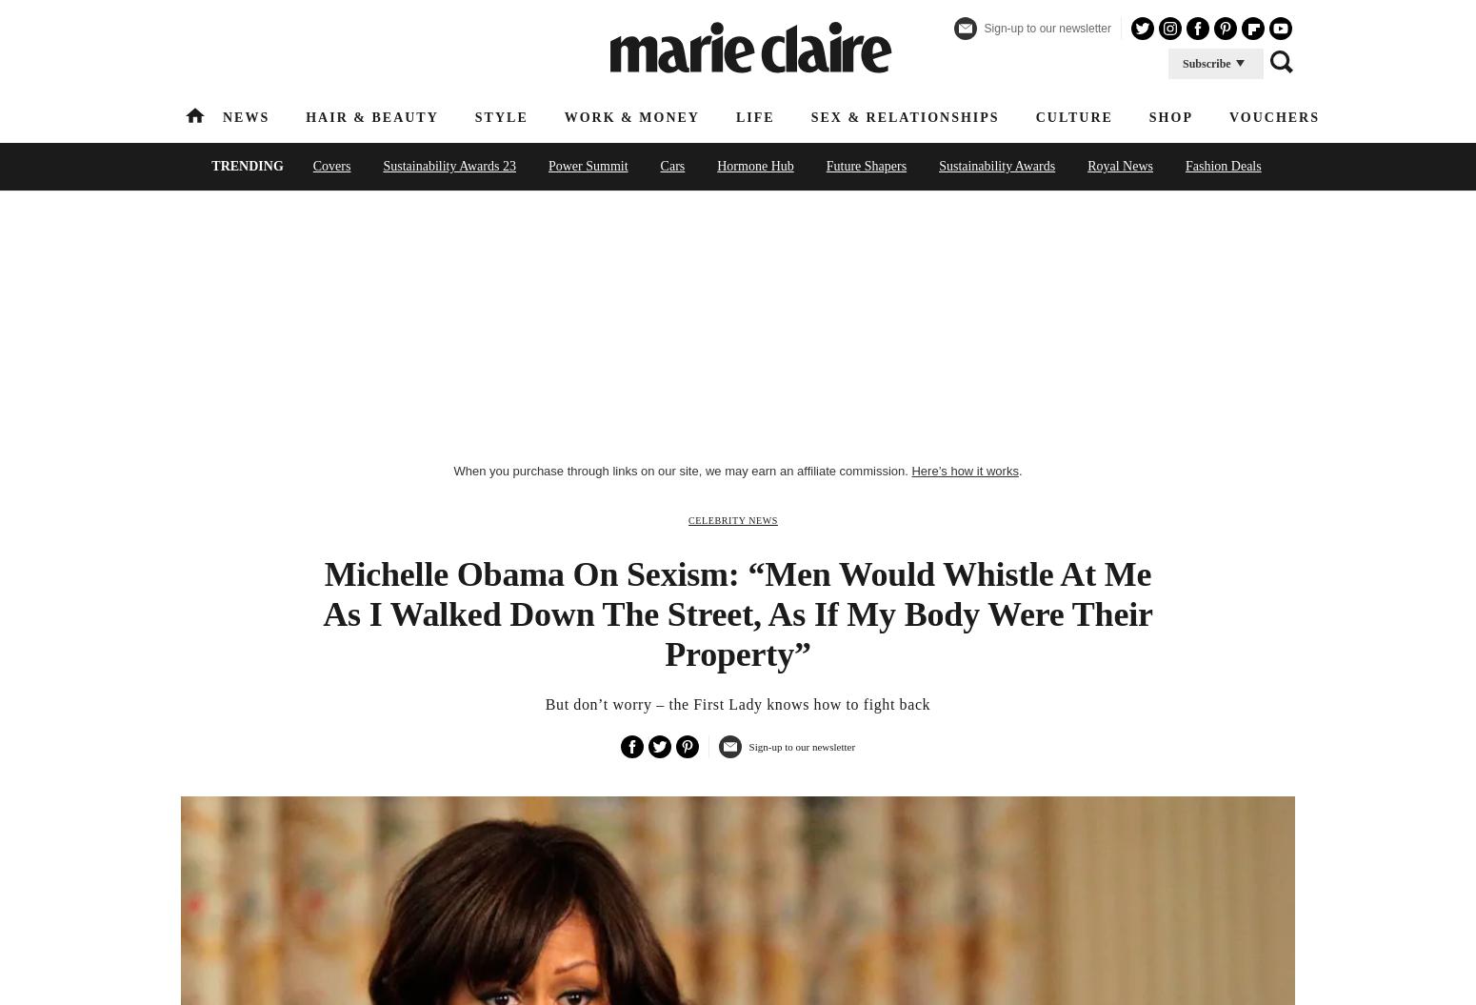 This screenshot has height=1005, width=1476. I want to click on 'Cars', so click(672, 166).